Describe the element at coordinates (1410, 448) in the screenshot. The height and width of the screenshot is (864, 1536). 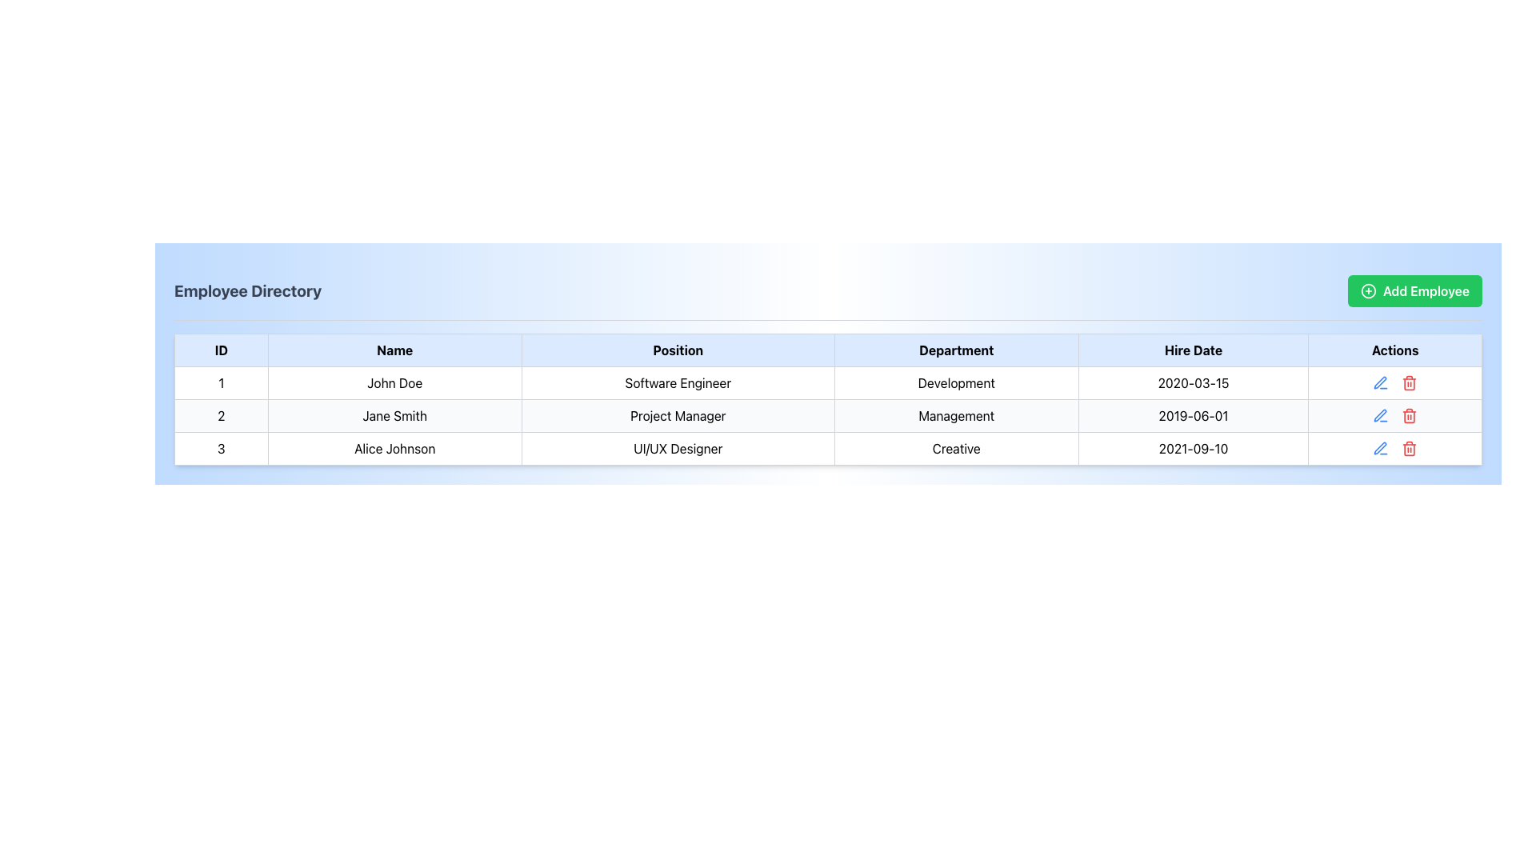
I see `the red trash can icon button located in the last row of the actions column` at that location.